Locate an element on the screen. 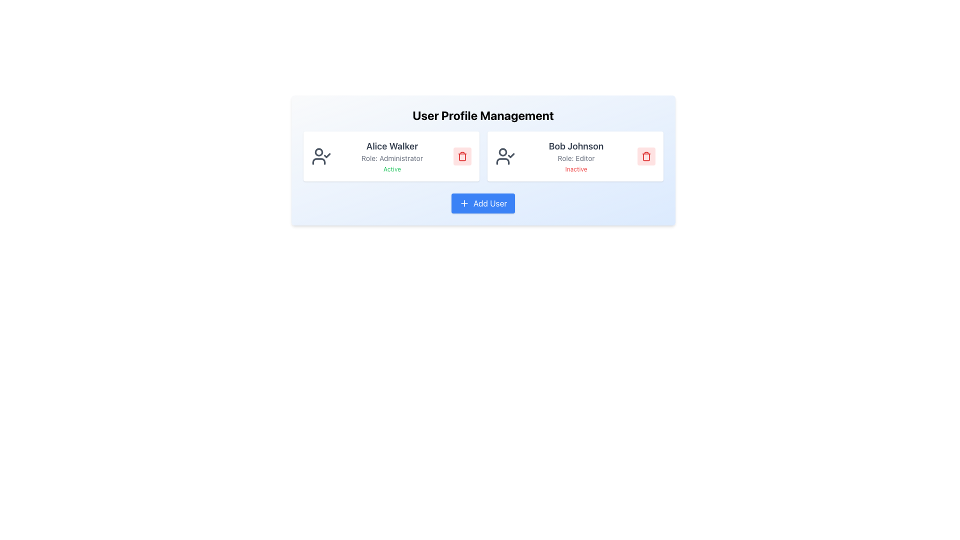 This screenshot has width=960, height=540. the 'Bob Johnson' text label, which is prominently displayed in bold, dark gray font within the 'User Profile Management' section, positioned above the texts 'Role: Editor' and 'Inactive' is located at coordinates (576, 146).